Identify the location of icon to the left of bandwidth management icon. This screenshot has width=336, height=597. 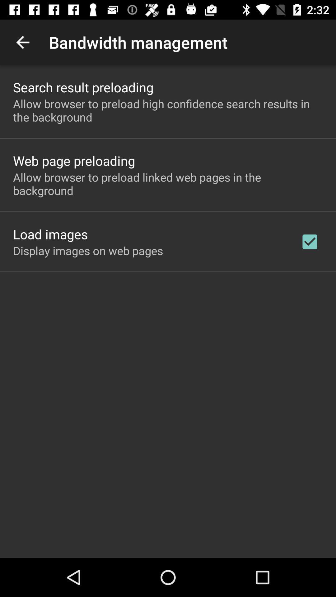
(22, 42).